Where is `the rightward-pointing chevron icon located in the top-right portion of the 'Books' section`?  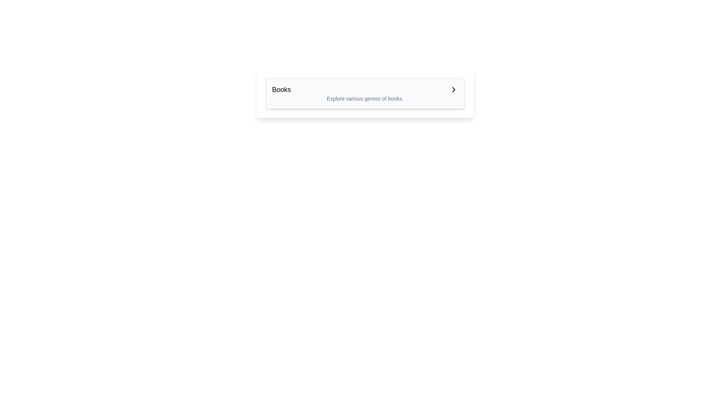
the rightward-pointing chevron icon located in the top-right portion of the 'Books' section is located at coordinates (453, 89).